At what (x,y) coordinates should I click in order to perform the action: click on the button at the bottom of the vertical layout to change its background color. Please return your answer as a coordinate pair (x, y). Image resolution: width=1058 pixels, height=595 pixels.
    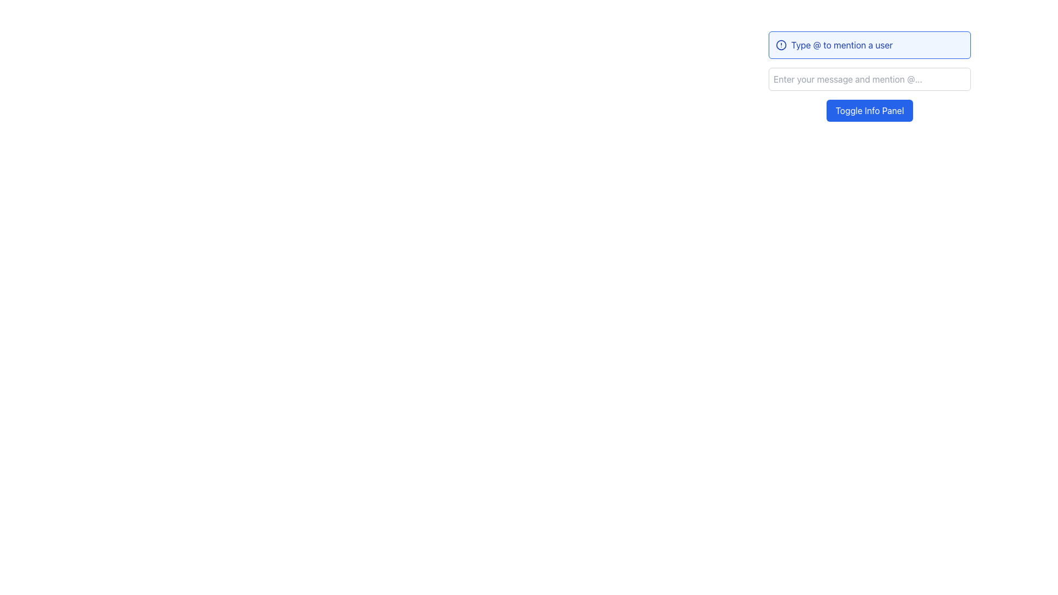
    Looking at the image, I should click on (869, 110).